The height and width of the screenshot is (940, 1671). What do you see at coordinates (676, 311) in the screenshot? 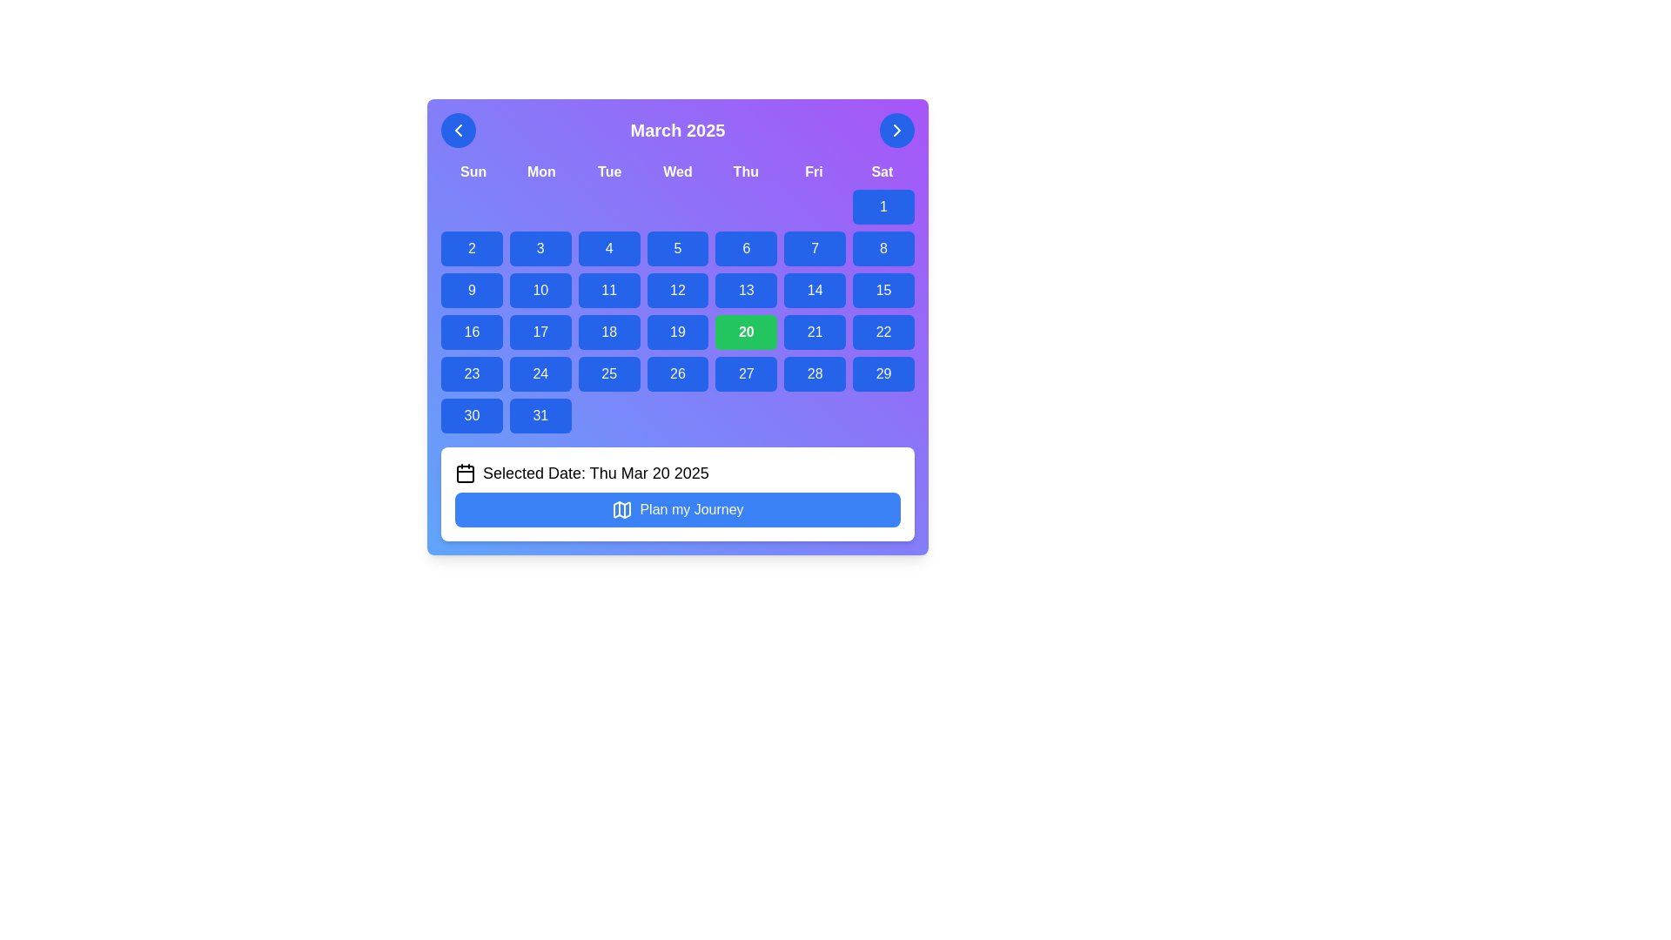
I see `the date selector in the interactive calendar grid located below the 'March 2025' title` at bounding box center [676, 311].